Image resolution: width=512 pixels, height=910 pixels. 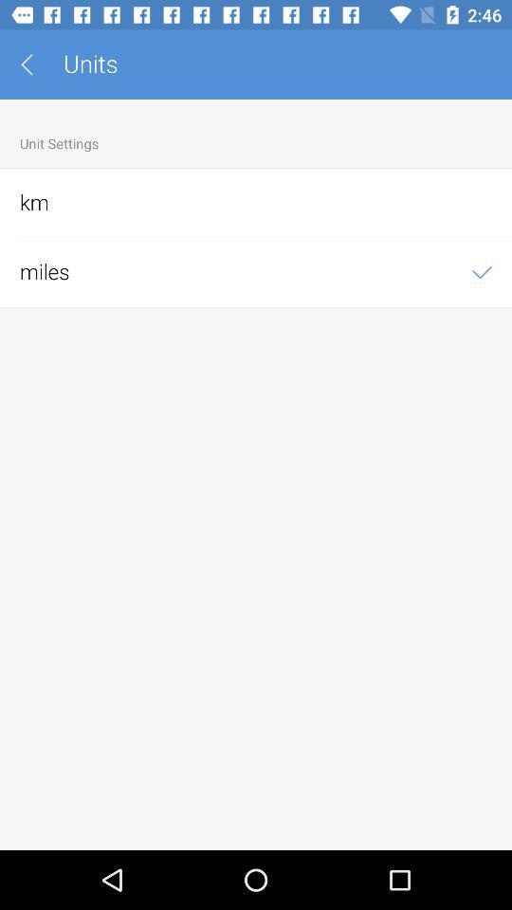 What do you see at coordinates (33, 64) in the screenshot?
I see `the arrow_backward icon` at bounding box center [33, 64].